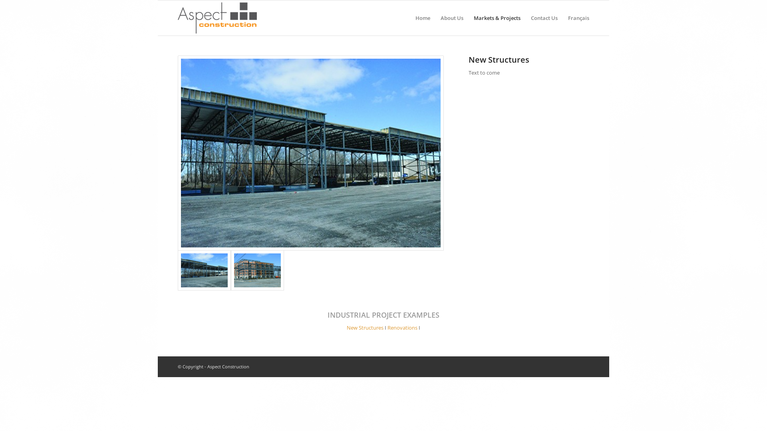 The height and width of the screenshot is (431, 767). I want to click on 'Markets & Projects', so click(497, 18).